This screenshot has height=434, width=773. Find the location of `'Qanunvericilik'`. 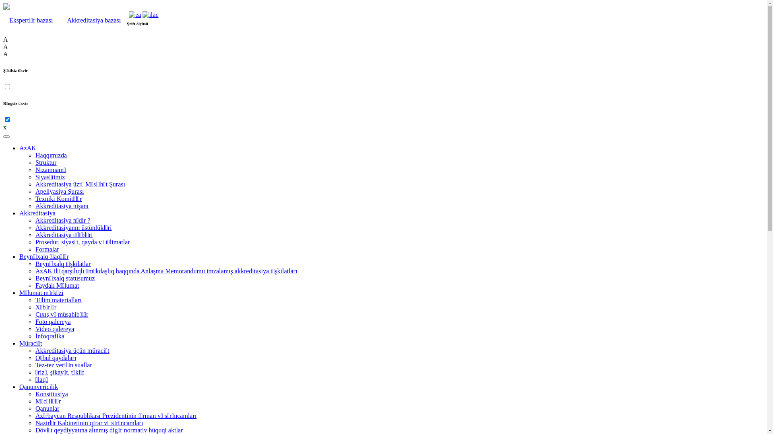

'Qanunvericilik' is located at coordinates (38, 386).